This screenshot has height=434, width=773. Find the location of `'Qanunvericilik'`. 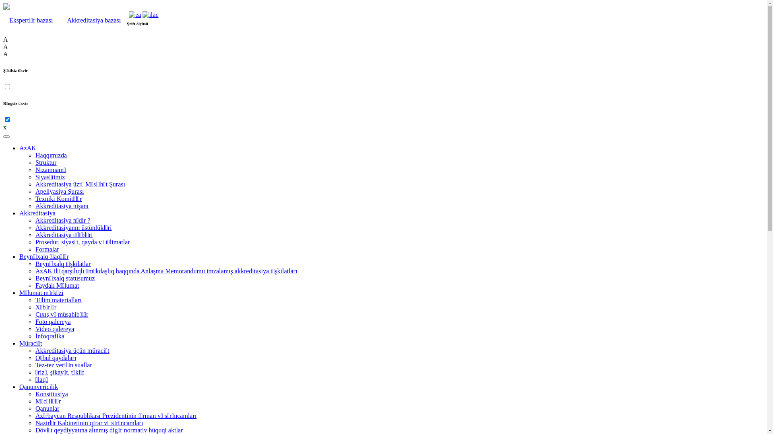

'Qanunvericilik' is located at coordinates (38, 386).